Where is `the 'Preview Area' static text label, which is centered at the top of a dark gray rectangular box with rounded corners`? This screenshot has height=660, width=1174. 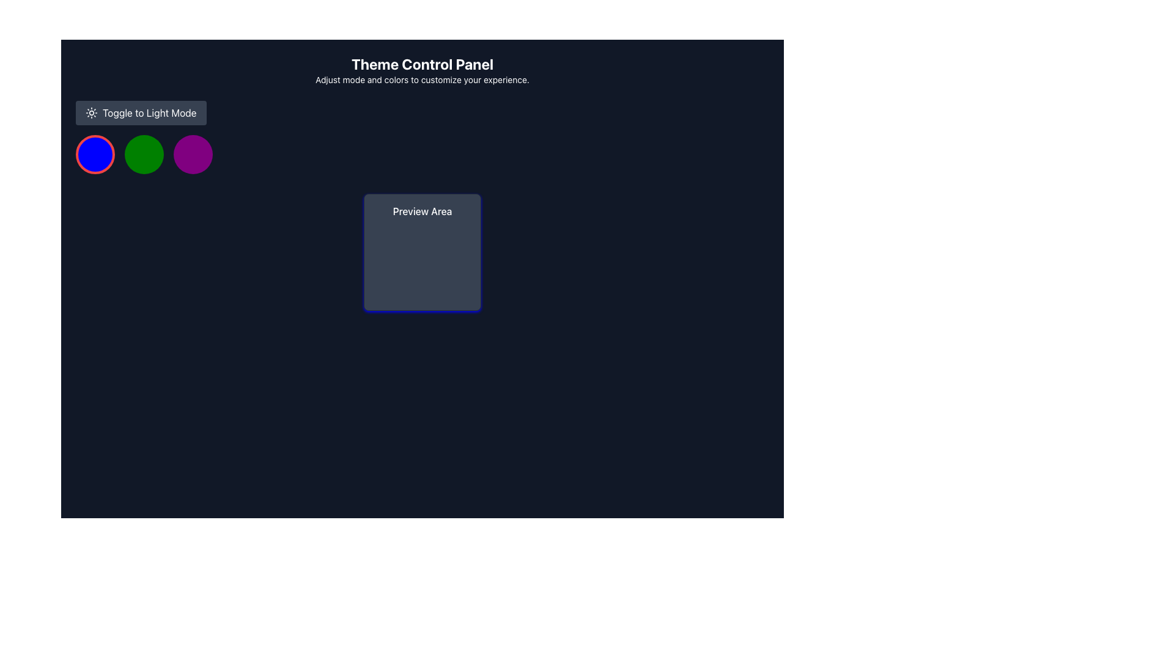
the 'Preview Area' static text label, which is centered at the top of a dark gray rectangular box with rounded corners is located at coordinates (423, 211).